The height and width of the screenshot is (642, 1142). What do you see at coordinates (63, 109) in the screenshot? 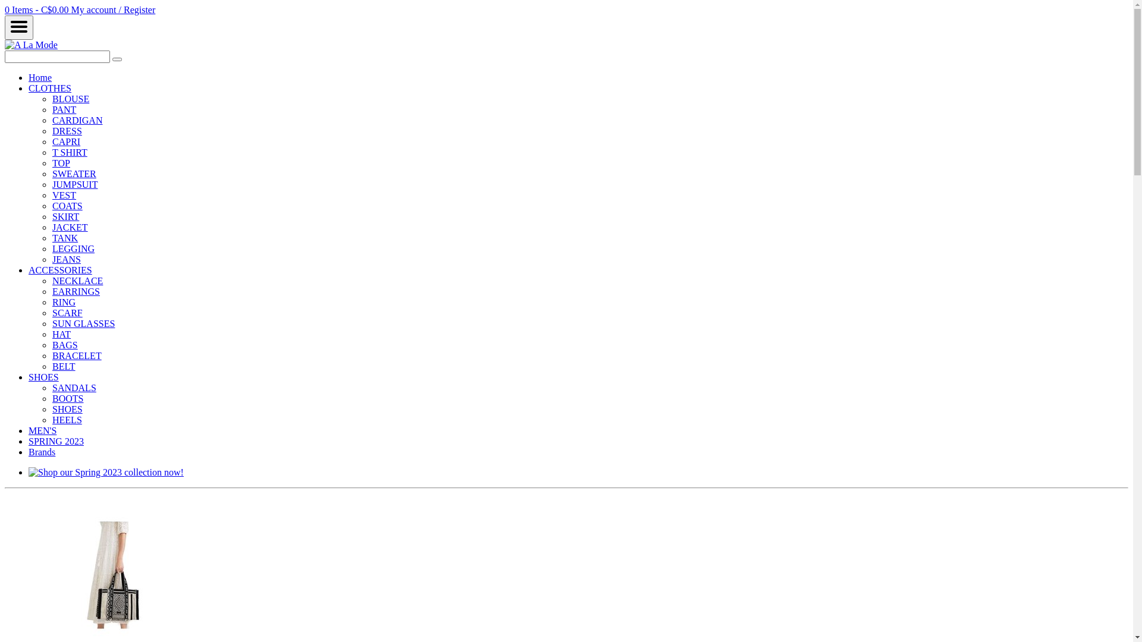
I see `'PANT'` at bounding box center [63, 109].